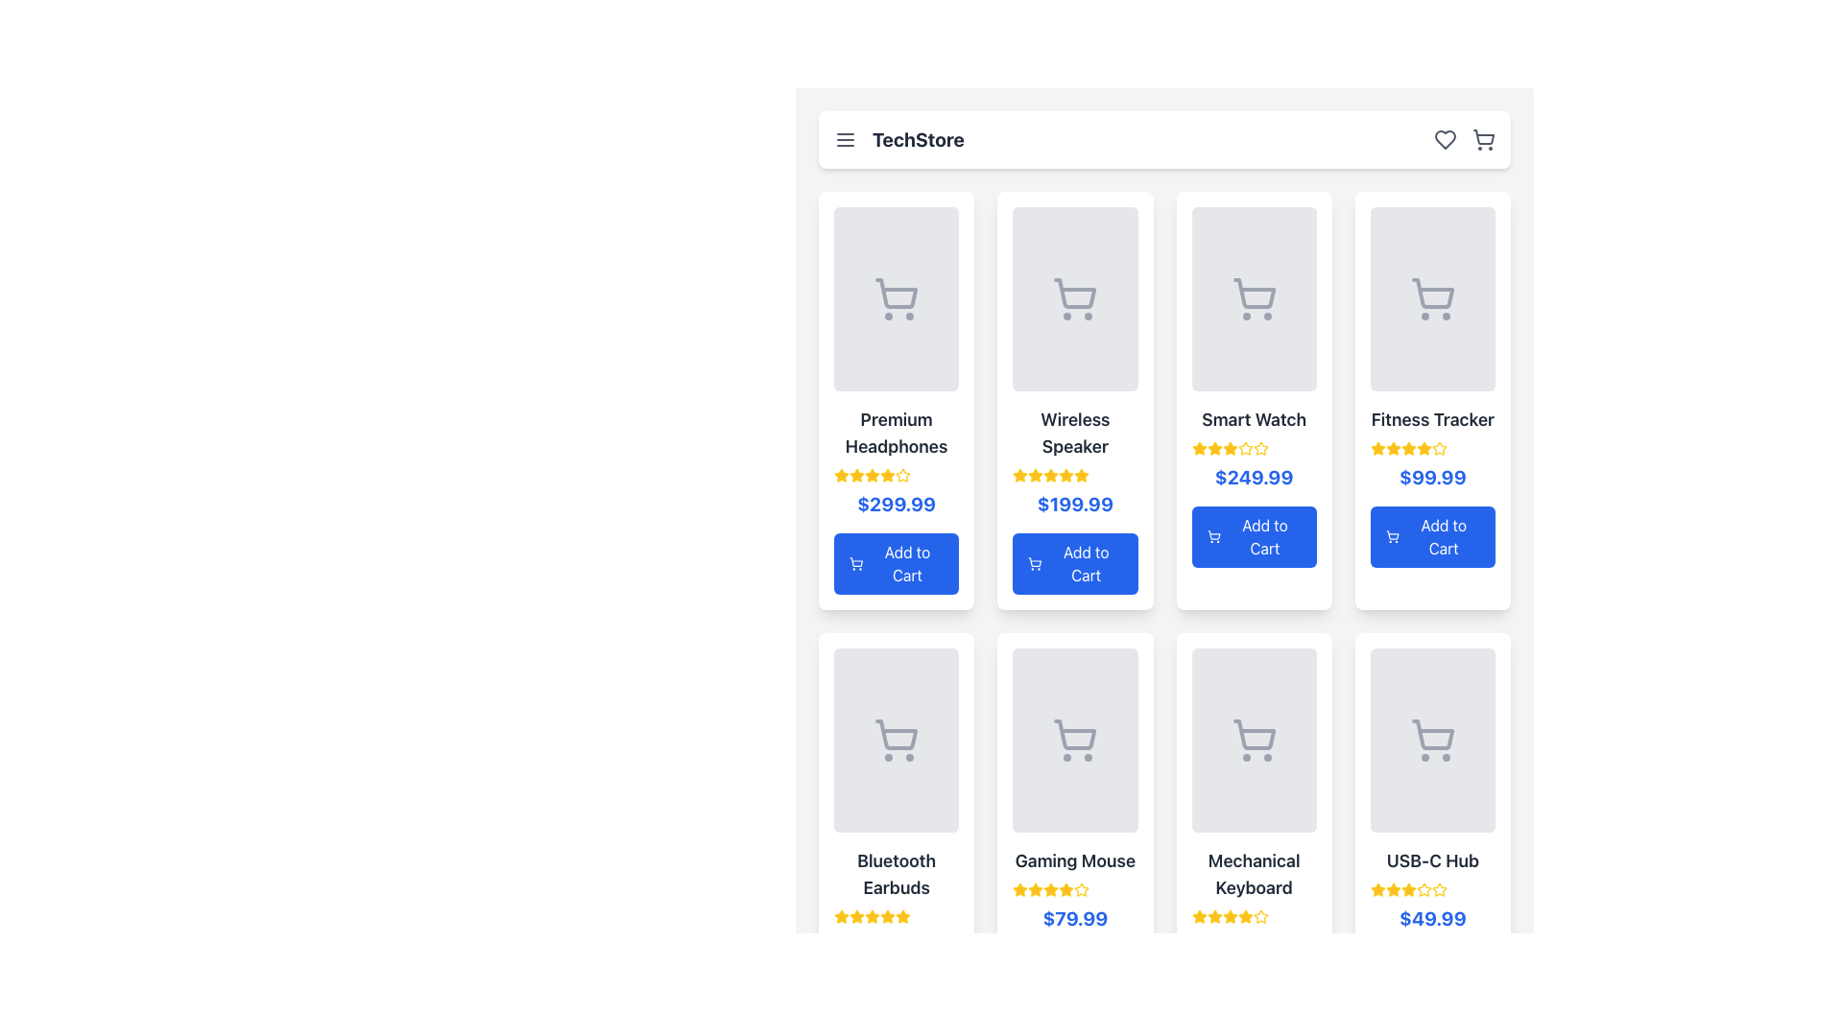 The width and height of the screenshot is (1843, 1036). I want to click on the last star icon in the five-star rating system, which is yellow and positioned to the far-right below the 'Bluetooth Earbuds' item, so click(901, 916).